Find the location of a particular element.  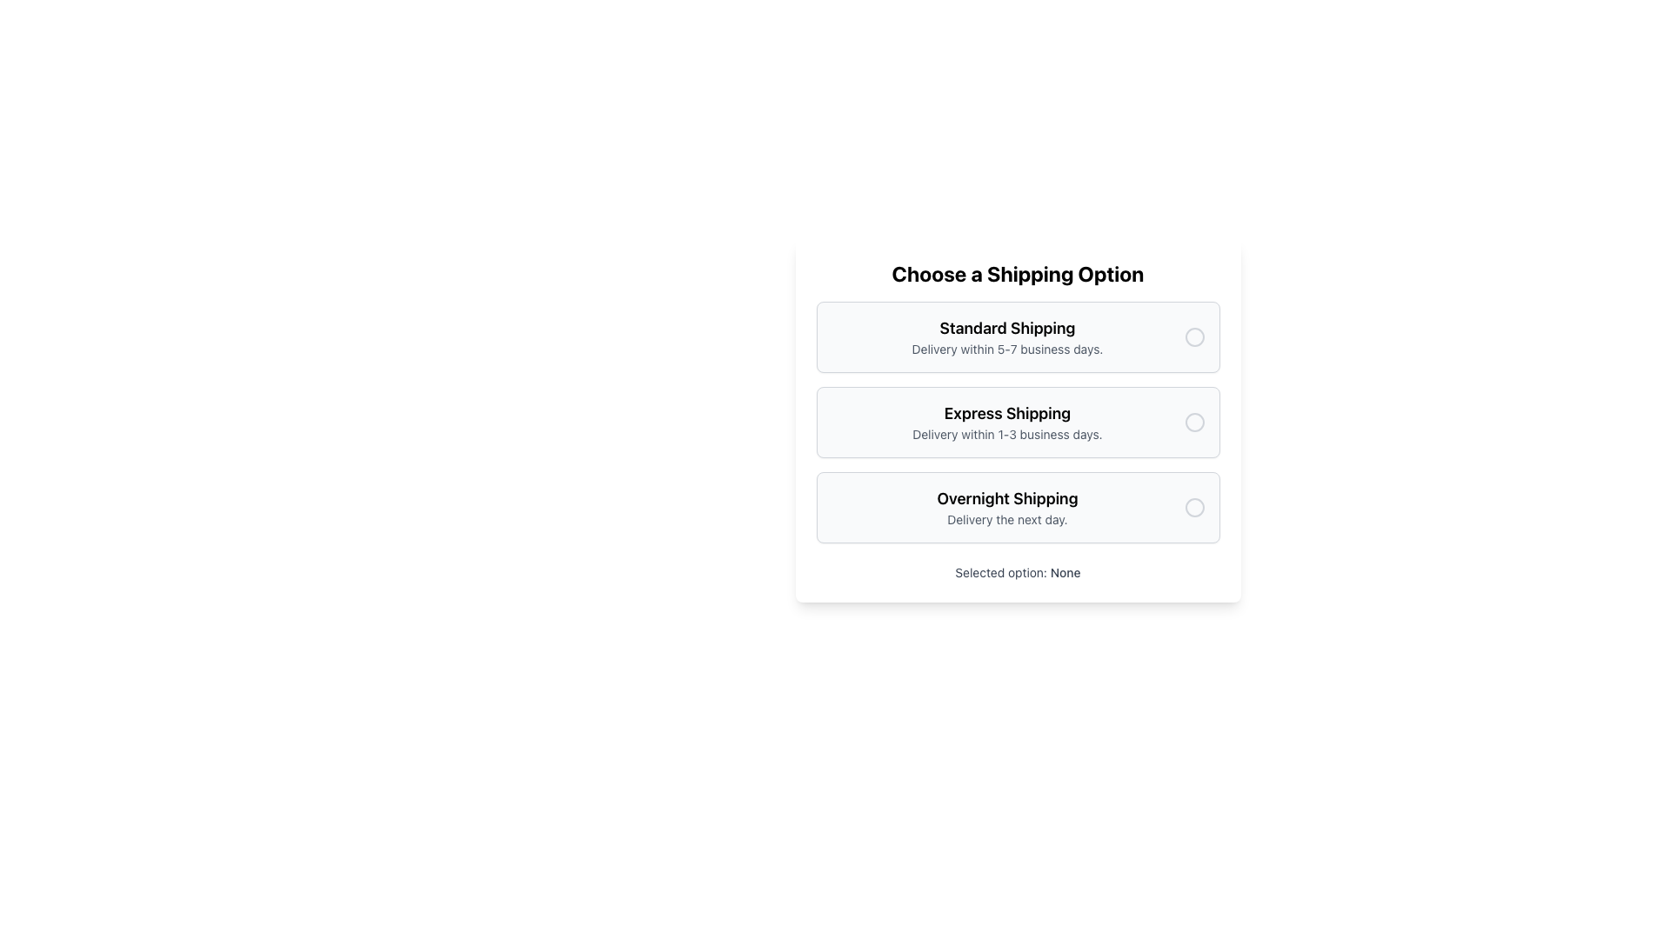

the 'Express Shipping' option in the group of interactive sections with radio buttons is located at coordinates (1018, 423).